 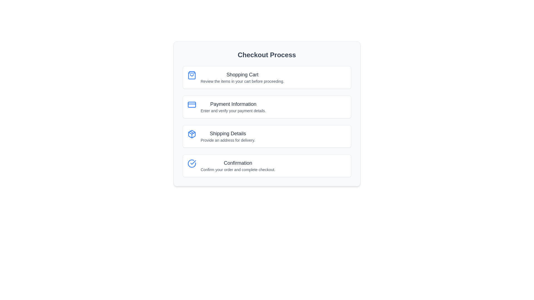 I want to click on the shopping bag icon, styled with a blue color and clean design, located in the top-left portion of the 'Shopping Cart' section, so click(x=192, y=75).